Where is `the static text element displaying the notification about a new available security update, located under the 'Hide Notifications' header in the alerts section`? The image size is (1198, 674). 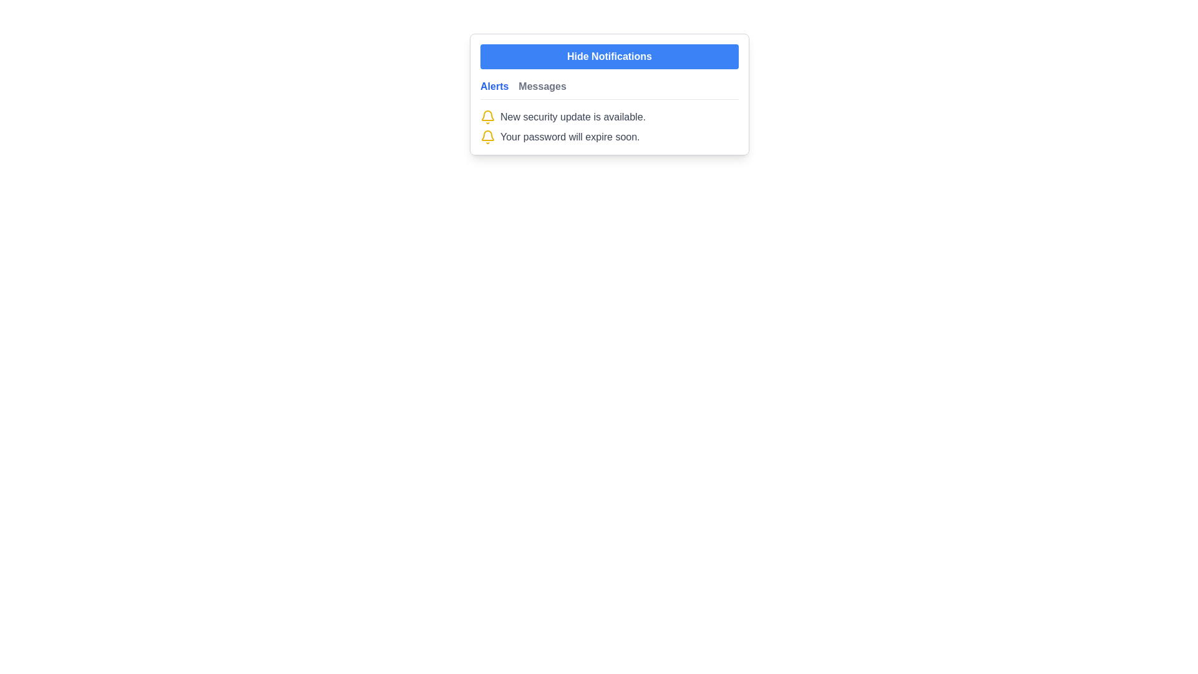 the static text element displaying the notification about a new available security update, located under the 'Hide Notifications' header in the alerts section is located at coordinates (572, 117).